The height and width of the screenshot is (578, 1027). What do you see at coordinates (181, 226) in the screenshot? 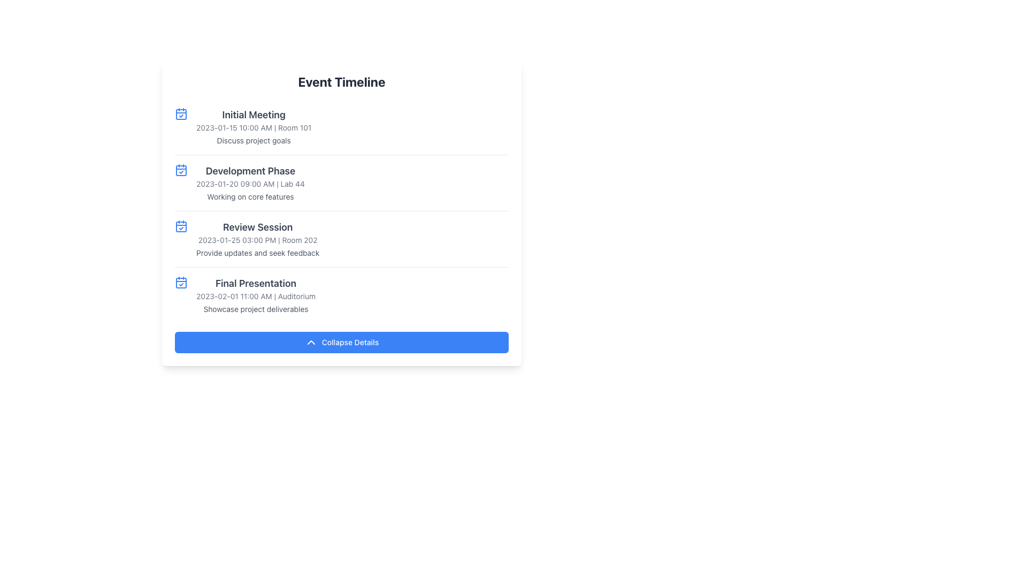
I see `internal rectangular part of the calendar icon located to the left of the 'Review Session' event entry in the timeline` at bounding box center [181, 226].